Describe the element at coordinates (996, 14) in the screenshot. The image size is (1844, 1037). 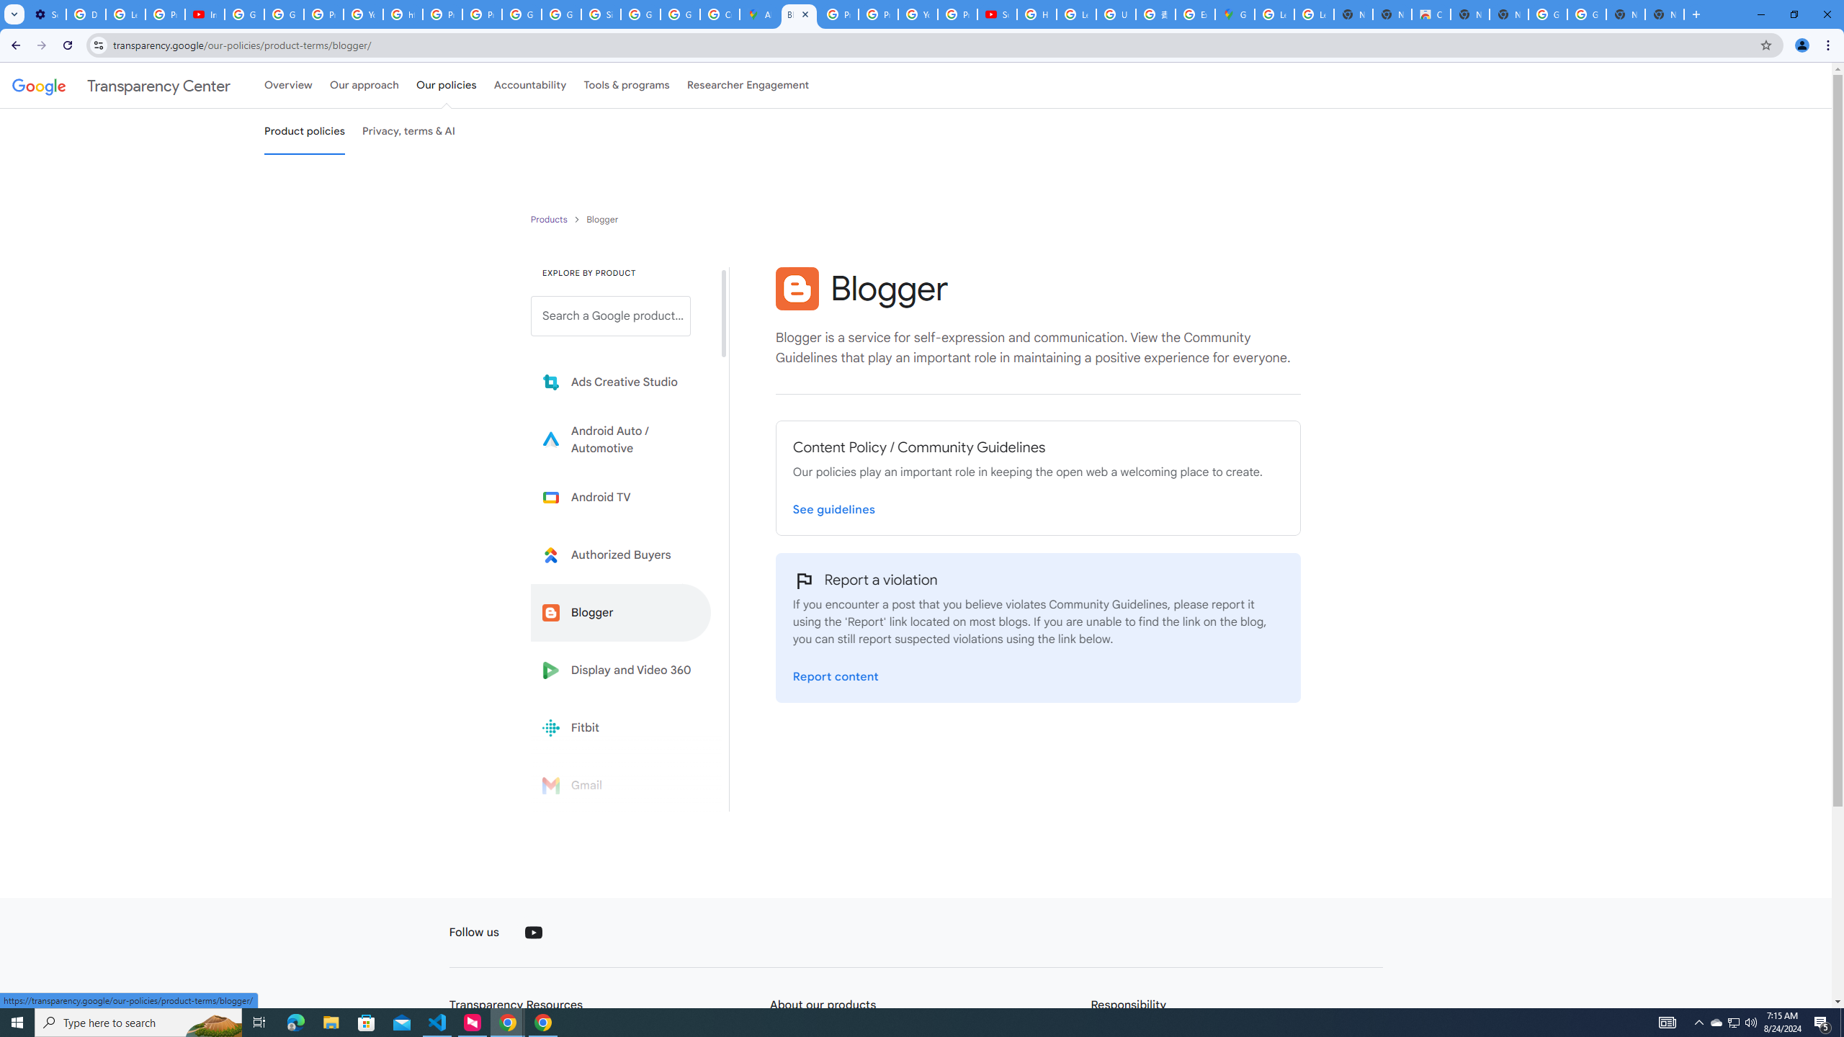
I see `'Subscriptions - YouTube'` at that location.